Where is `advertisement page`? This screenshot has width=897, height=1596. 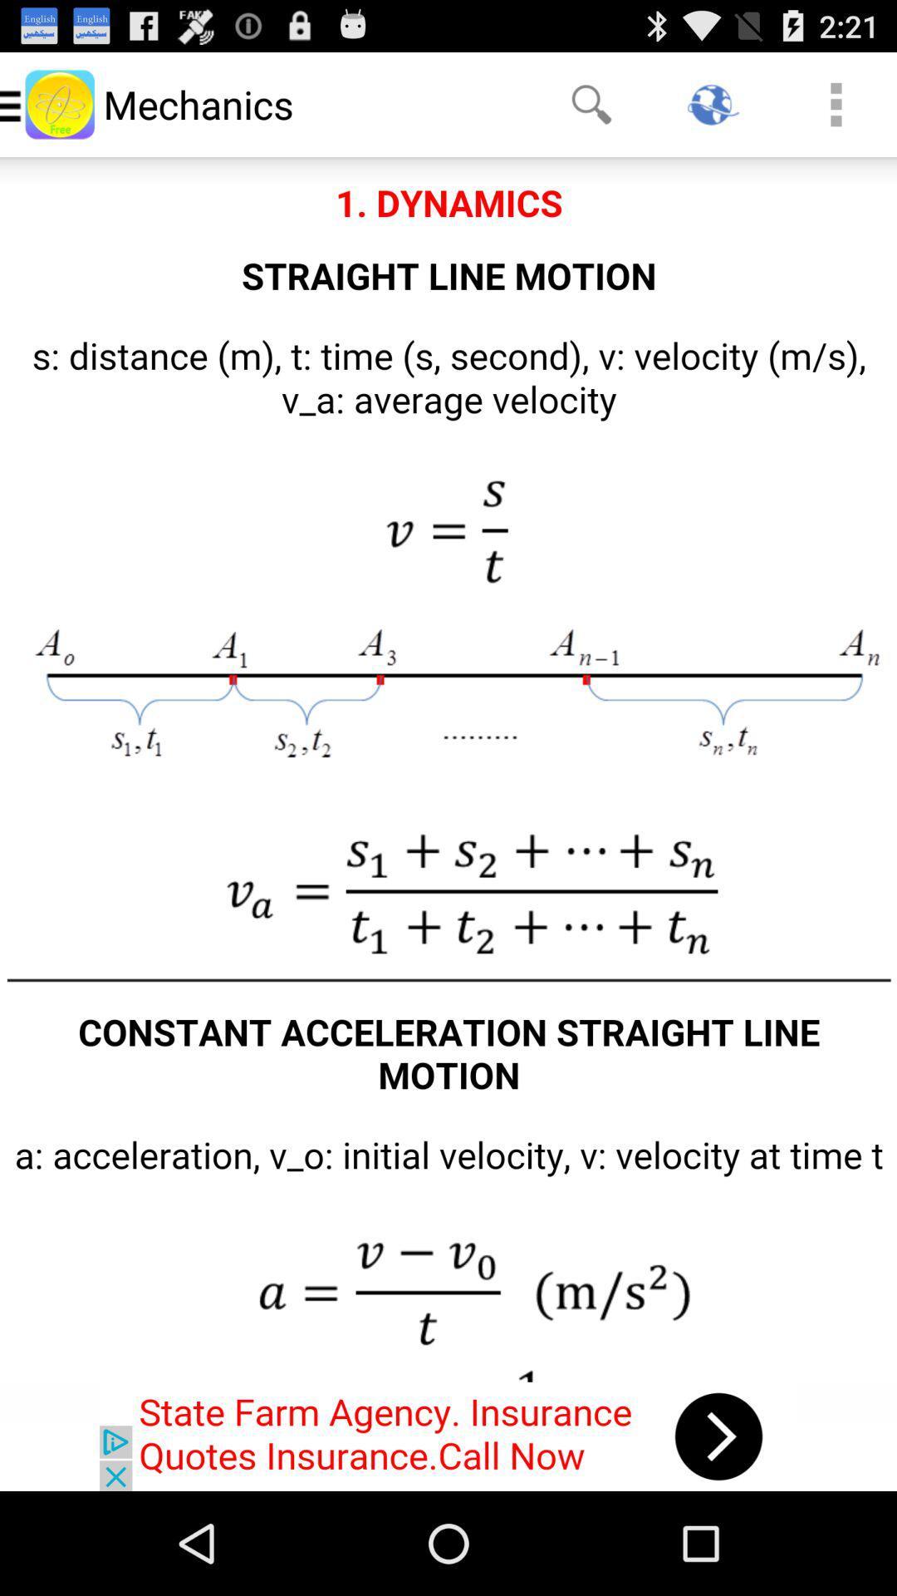 advertisement page is located at coordinates (448, 1436).